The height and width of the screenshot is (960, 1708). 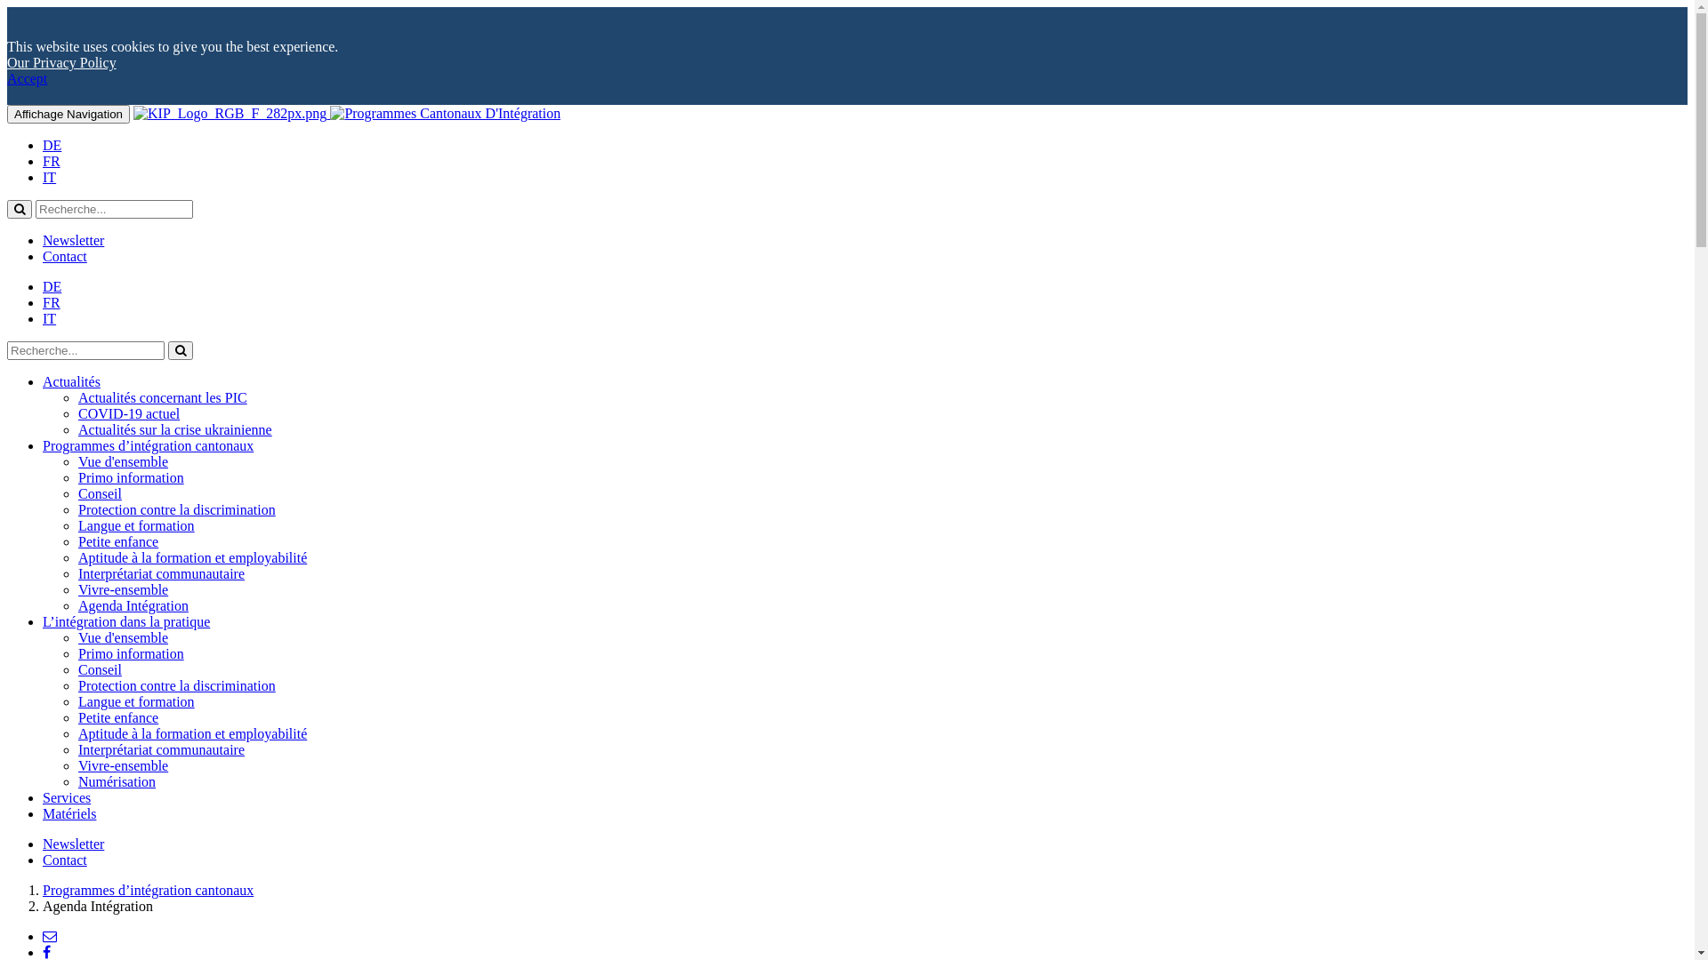 I want to click on 'FR', so click(x=51, y=161).